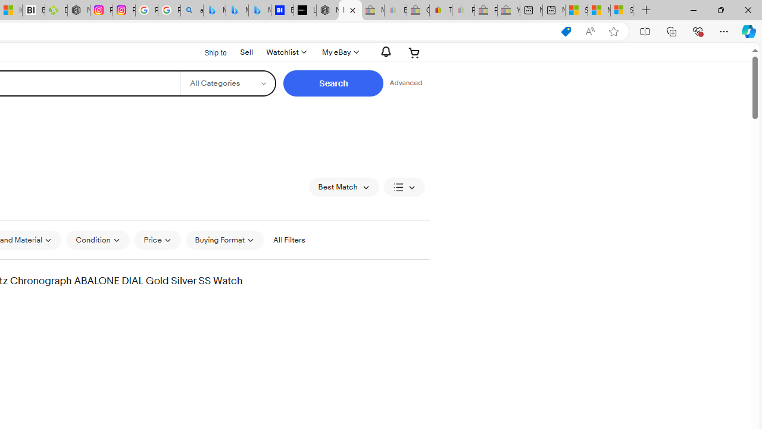 The width and height of the screenshot is (762, 429). Describe the element at coordinates (289, 240) in the screenshot. I see `'All Filters'` at that location.